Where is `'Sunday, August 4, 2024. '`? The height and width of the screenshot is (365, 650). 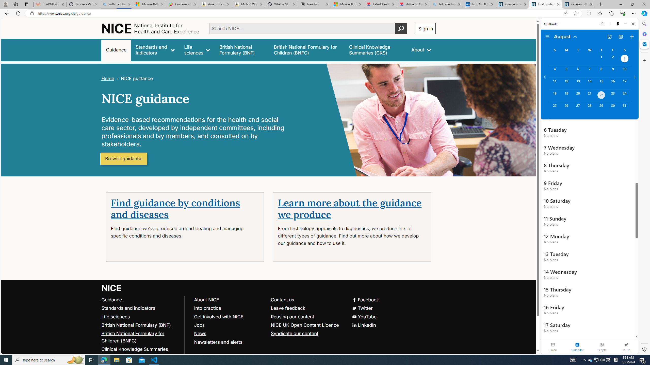 'Sunday, August 4, 2024. ' is located at coordinates (555, 71).